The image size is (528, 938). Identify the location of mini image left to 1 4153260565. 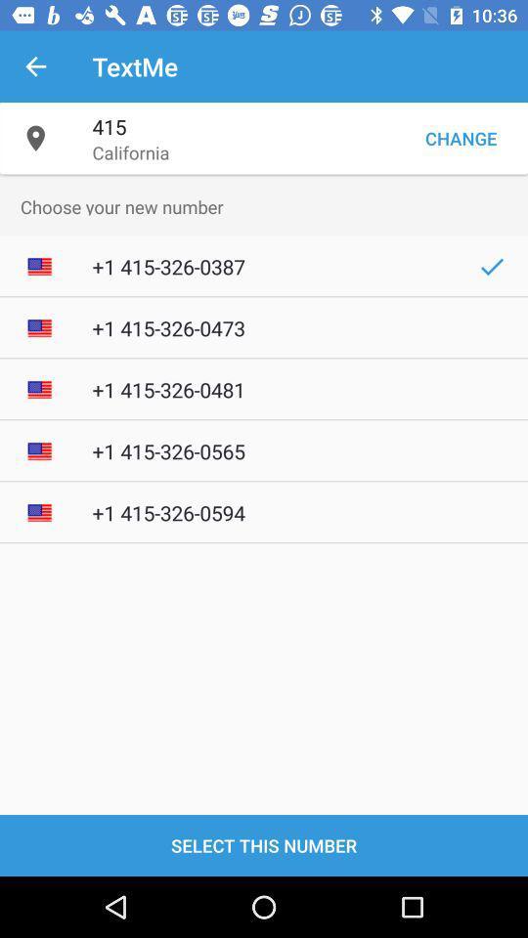
(39, 450).